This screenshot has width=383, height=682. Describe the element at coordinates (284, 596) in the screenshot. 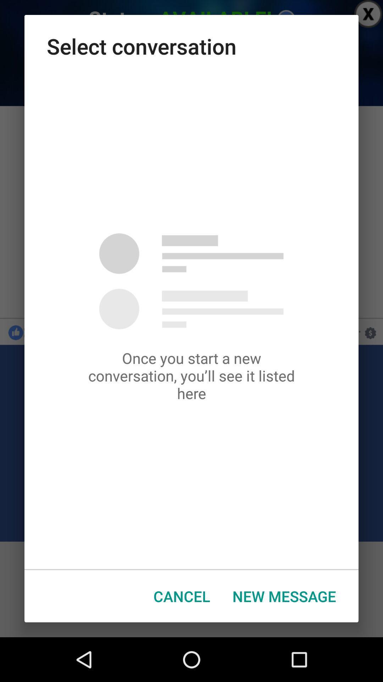

I see `new message item` at that location.